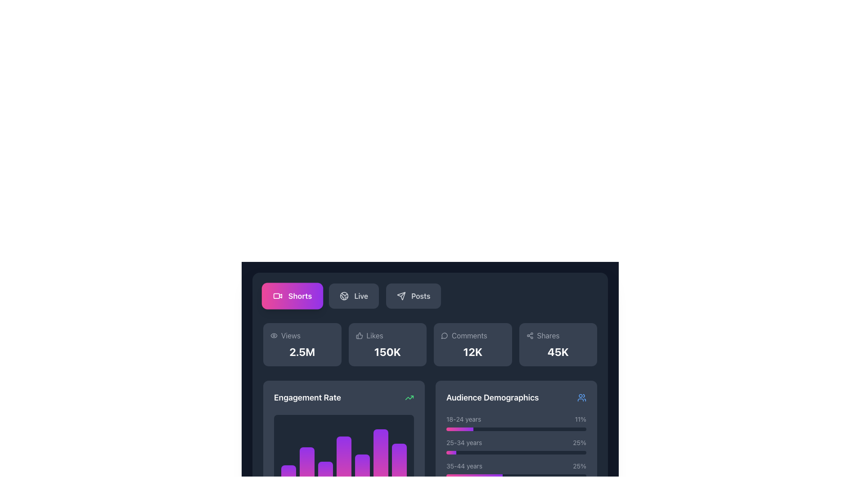  I want to click on displayed information from the Metric card labeled 'Views', which is a rectangular card with a dark gray background and features the text '2.5M' prominently in bold white, so click(302, 344).